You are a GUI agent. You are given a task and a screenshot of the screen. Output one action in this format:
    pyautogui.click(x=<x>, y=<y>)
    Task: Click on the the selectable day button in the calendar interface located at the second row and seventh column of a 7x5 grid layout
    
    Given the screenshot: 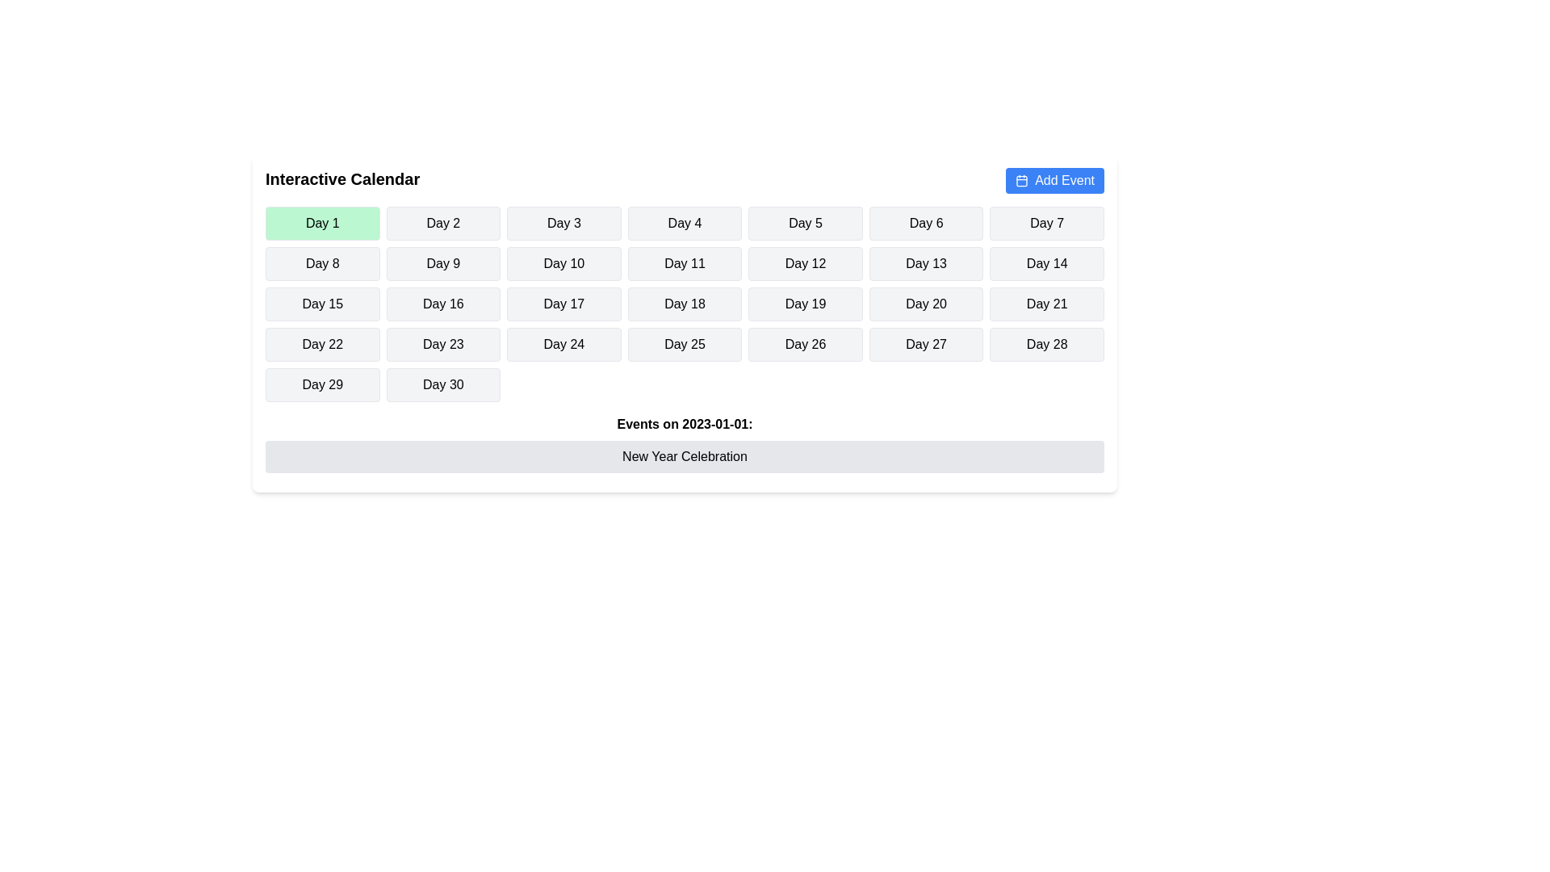 What is the action you would take?
    pyautogui.click(x=1047, y=263)
    